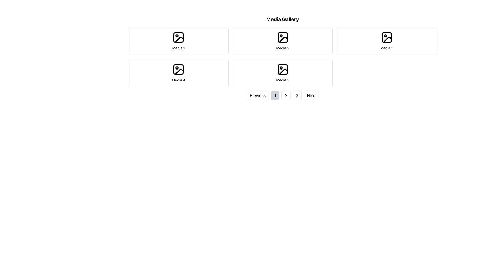 The width and height of the screenshot is (489, 275). What do you see at coordinates (387, 41) in the screenshot?
I see `the card component labeled 'Media 3', which features an image icon and a descriptive text label, and is the third card in a grid layout` at bounding box center [387, 41].